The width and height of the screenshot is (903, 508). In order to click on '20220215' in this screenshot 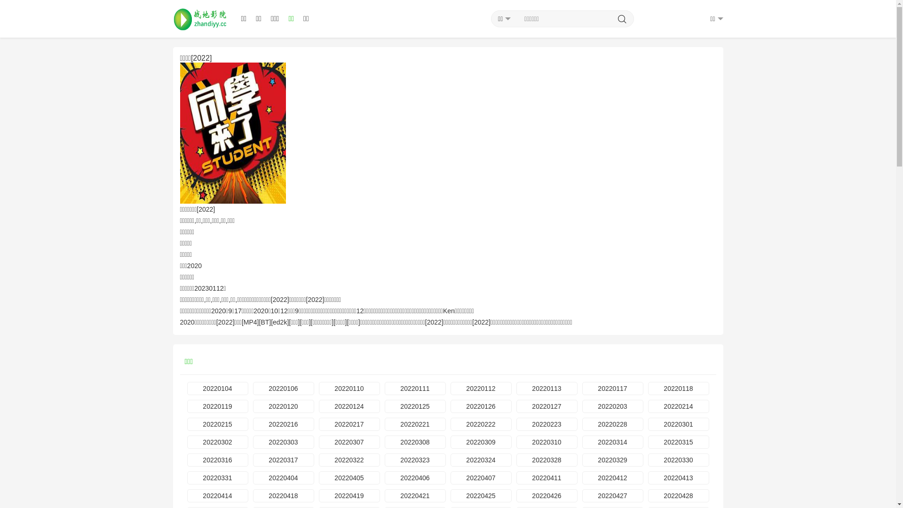, I will do `click(187, 424)`.